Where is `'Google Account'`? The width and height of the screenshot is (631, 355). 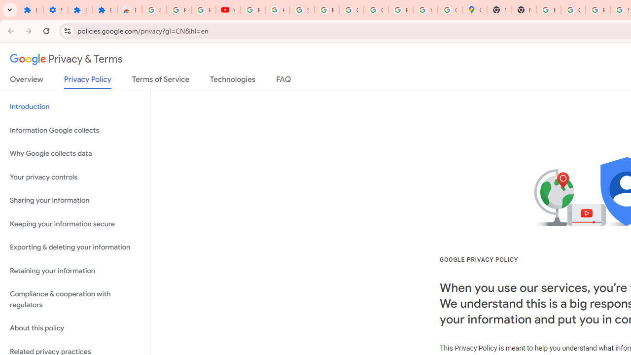
'Google Account' is located at coordinates (351, 10).